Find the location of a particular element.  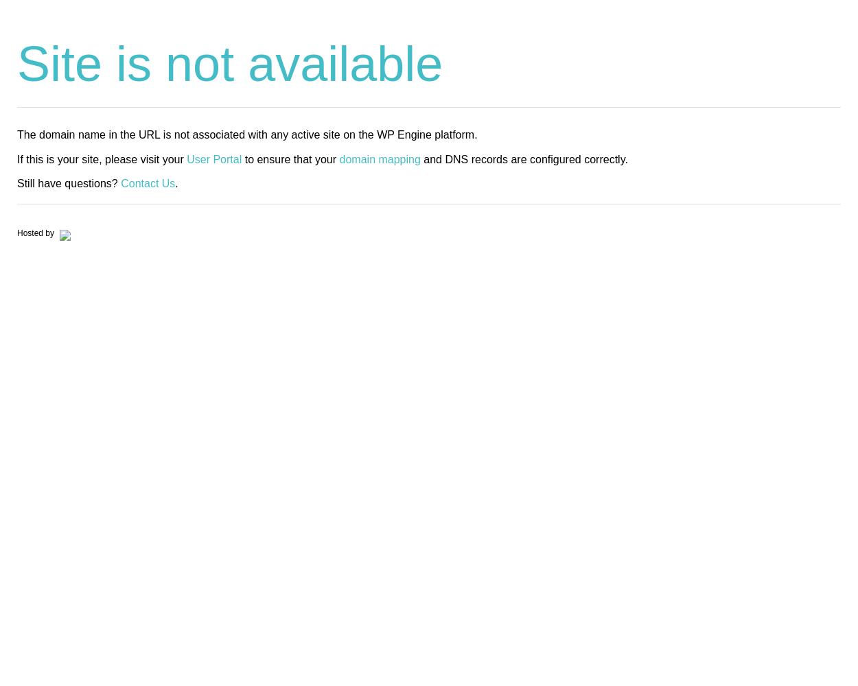

'Still have questions?' is located at coordinates (68, 182).